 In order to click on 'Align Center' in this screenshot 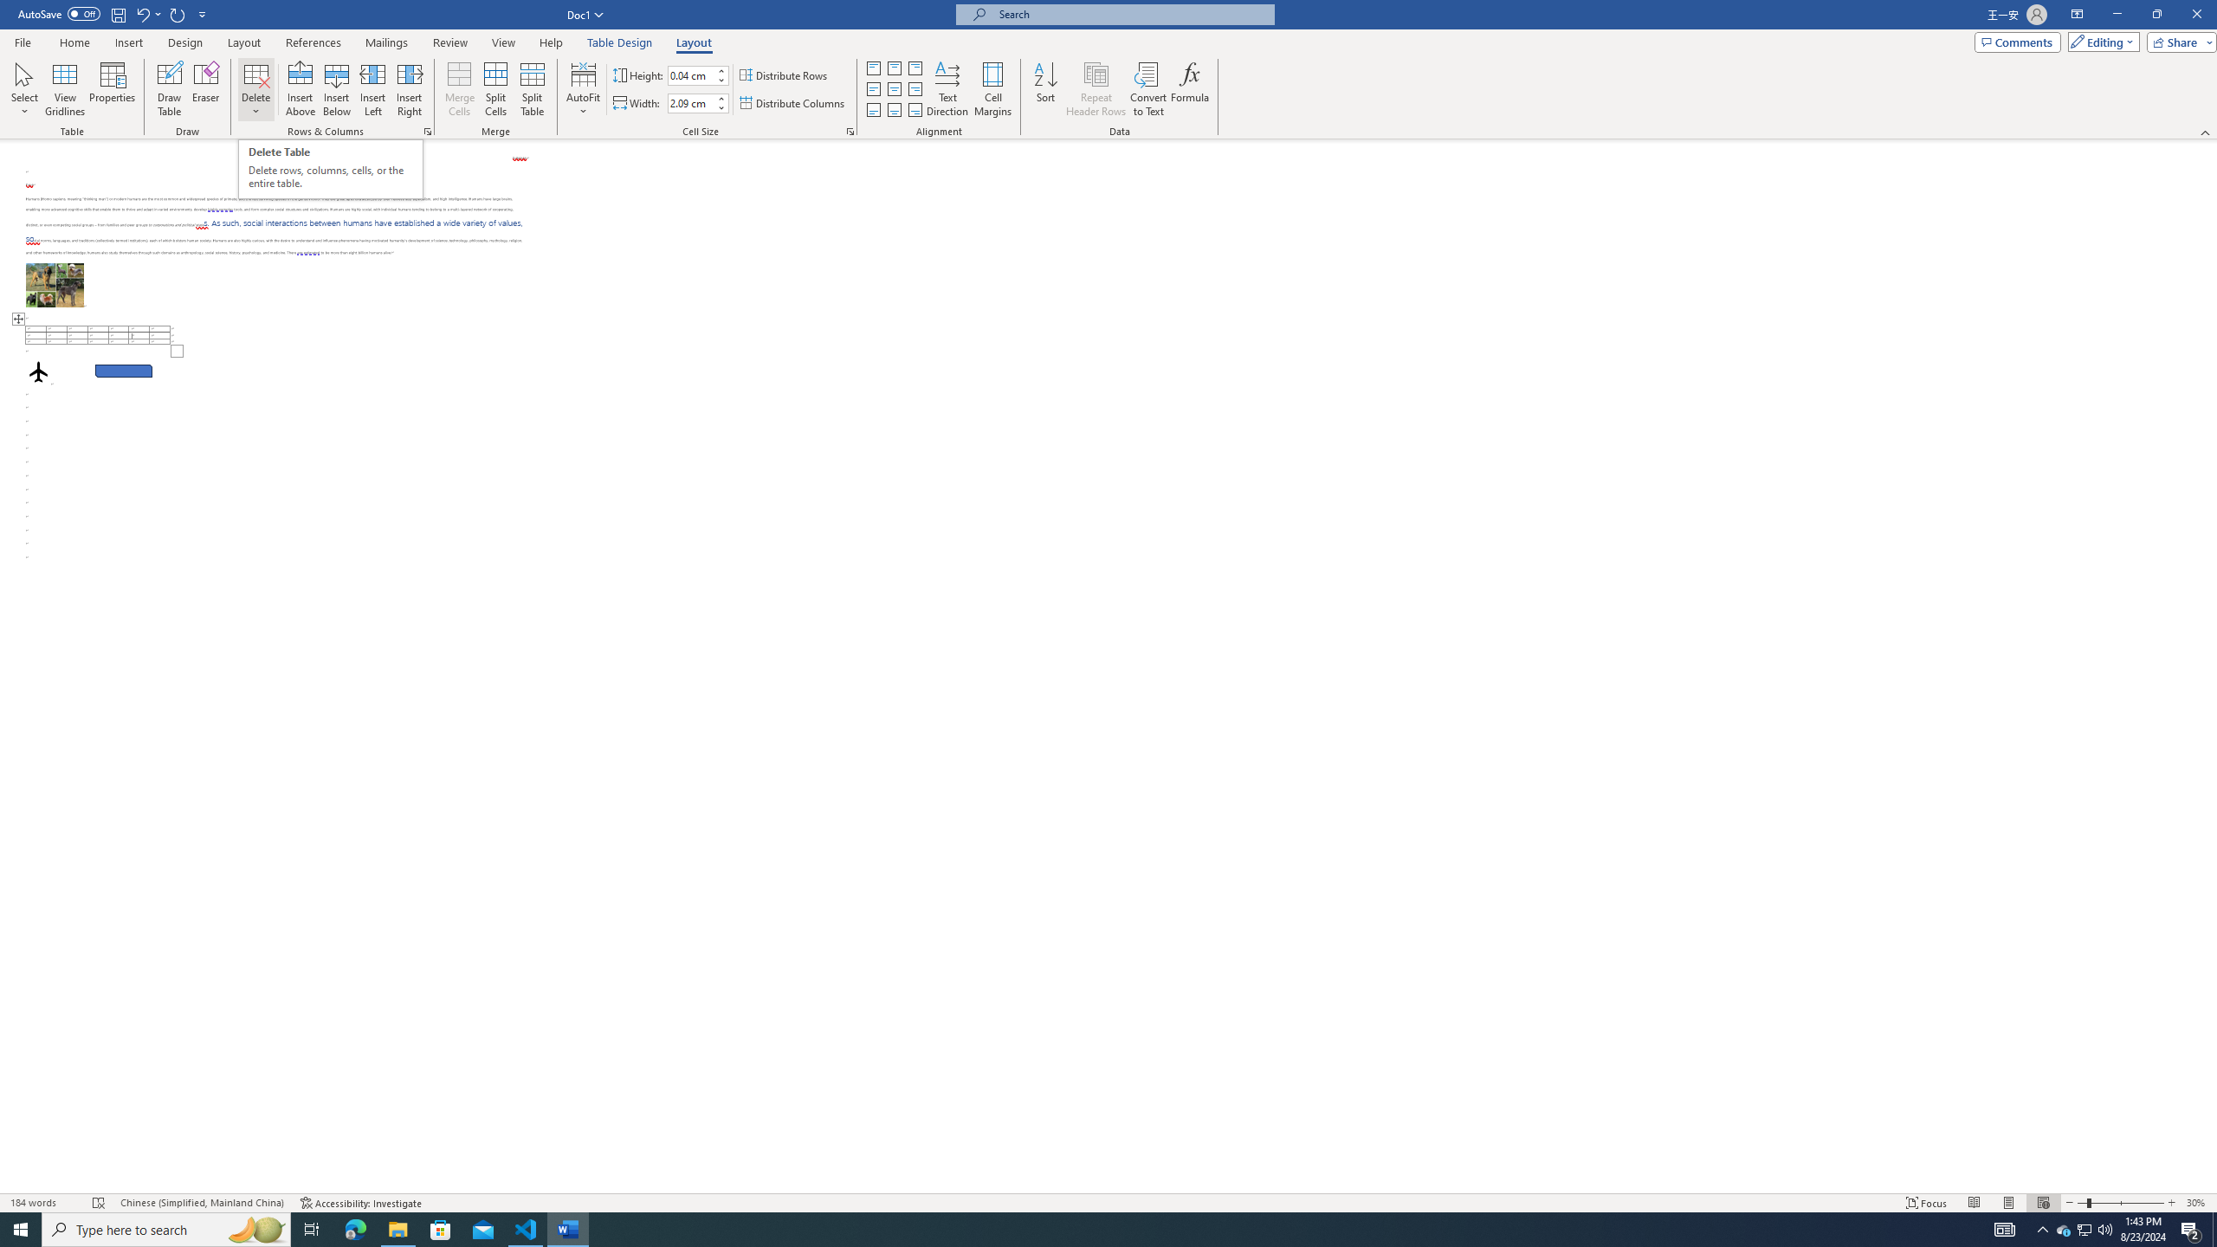, I will do `click(893, 89)`.